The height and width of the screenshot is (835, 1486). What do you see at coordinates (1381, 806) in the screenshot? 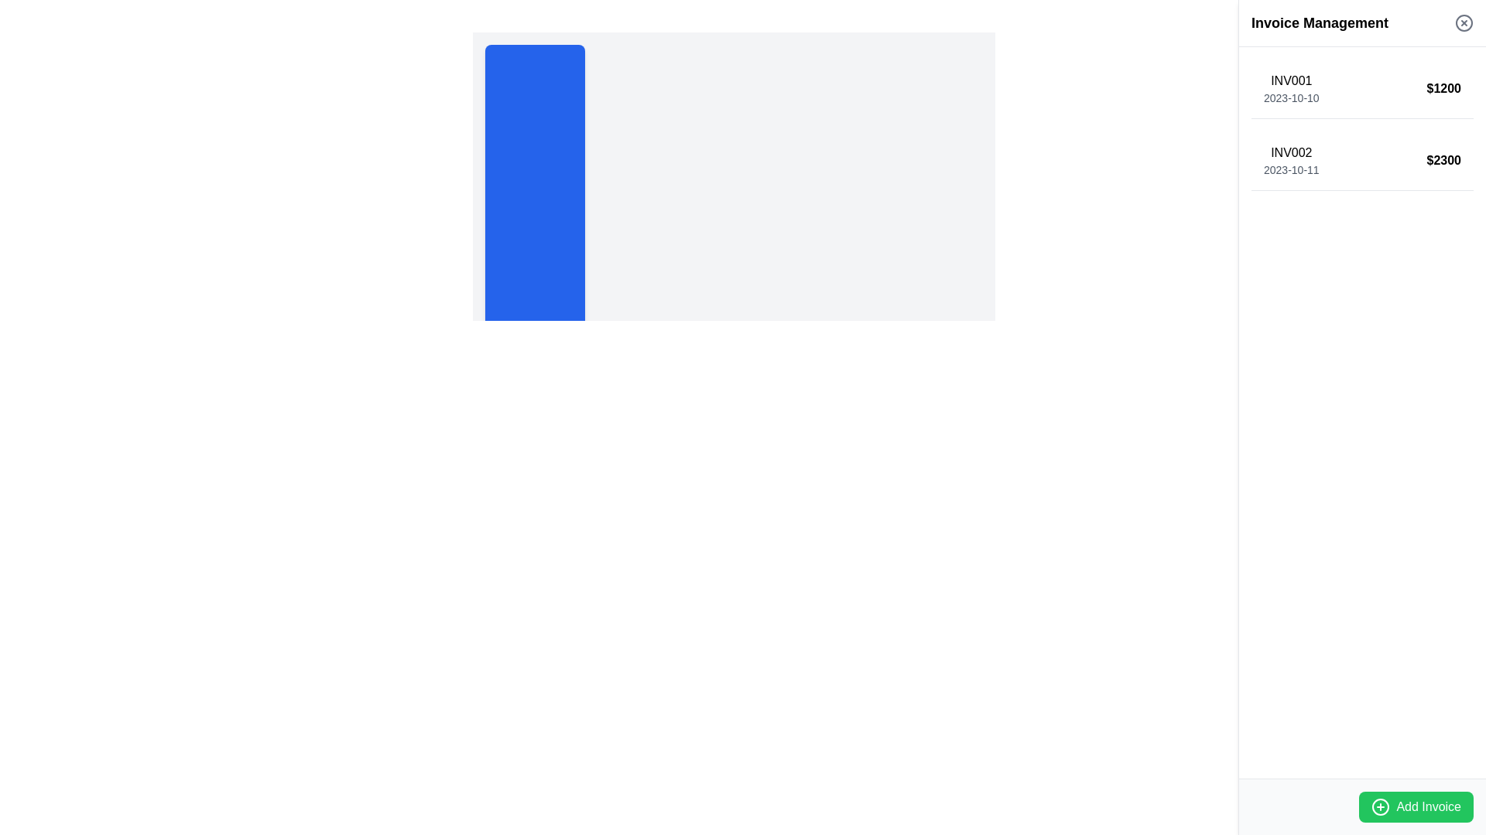
I see `the 'Add' icon positioned to the left of the text 'Add Invoice' within the green rounded rectangle button located at the bottom-right corner of the interface for visual feedback` at bounding box center [1381, 806].